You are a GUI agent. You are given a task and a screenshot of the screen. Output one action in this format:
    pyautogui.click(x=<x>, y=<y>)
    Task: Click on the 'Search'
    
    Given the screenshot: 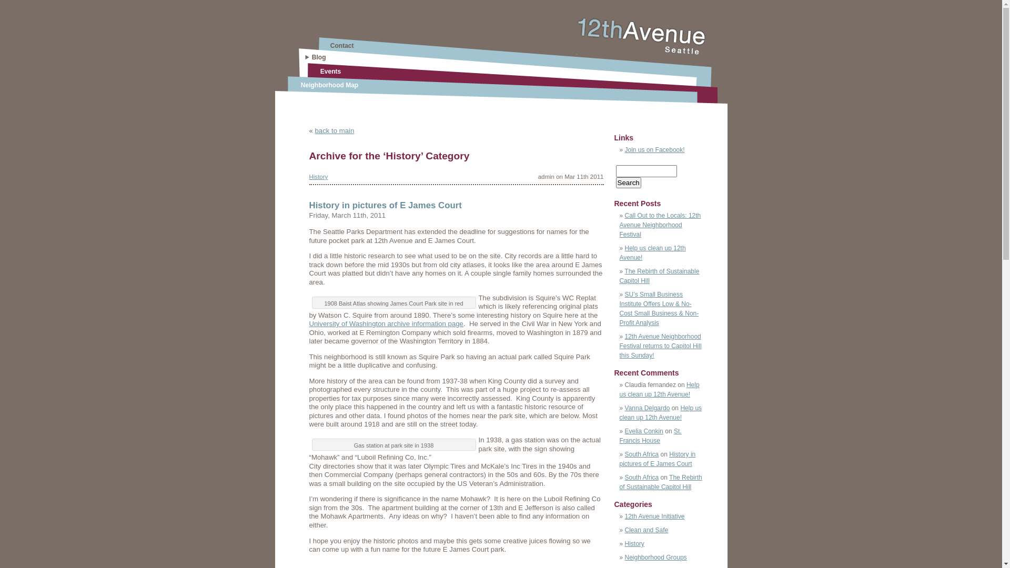 What is the action you would take?
    pyautogui.click(x=615, y=182)
    